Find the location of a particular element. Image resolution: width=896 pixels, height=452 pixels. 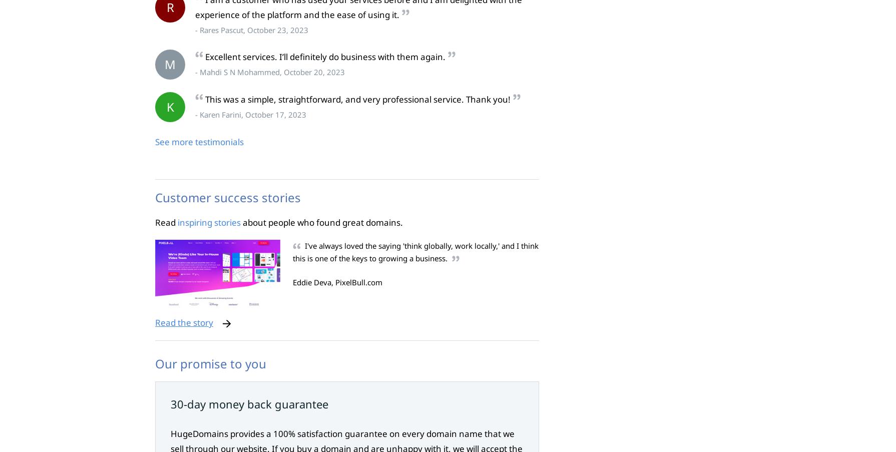

'This was a simple, straightforward, and very professional service. Thank you!' is located at coordinates (357, 99).